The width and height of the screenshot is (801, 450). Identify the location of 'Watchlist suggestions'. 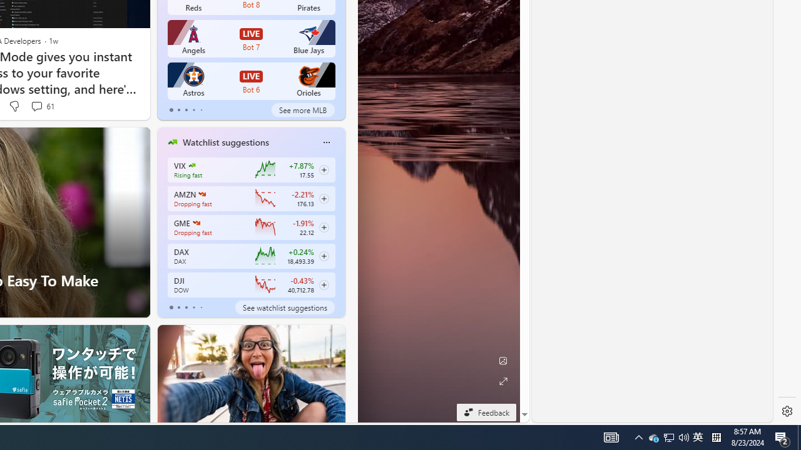
(225, 141).